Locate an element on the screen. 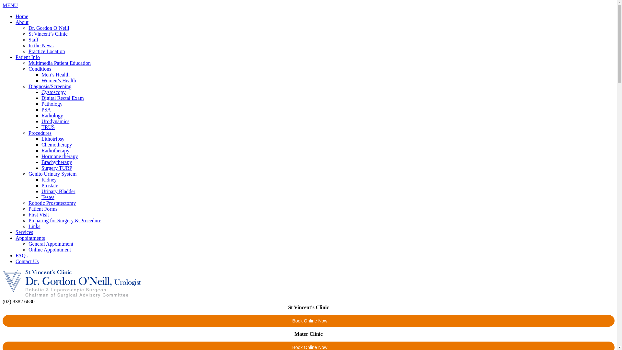 The image size is (622, 350). 'MENU' is located at coordinates (10, 5).